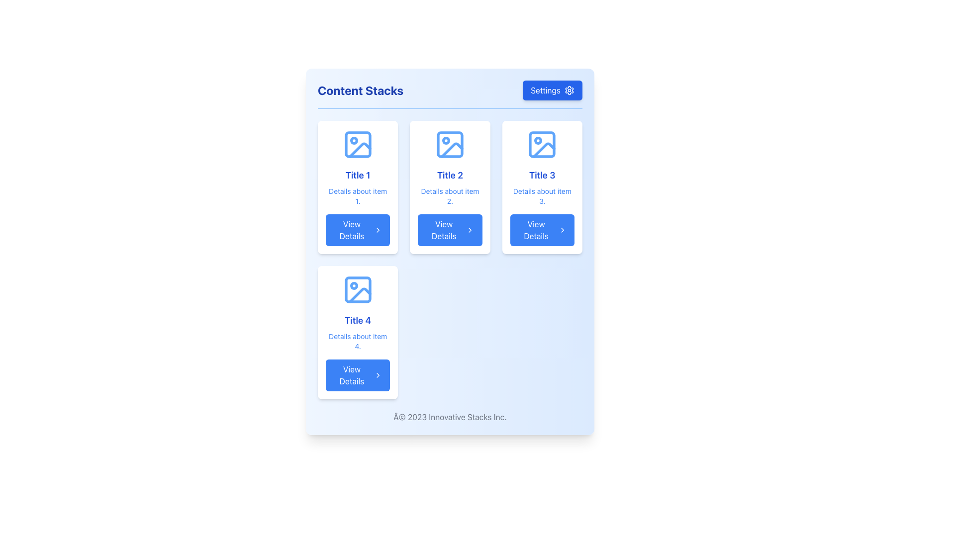 The width and height of the screenshot is (955, 537). I want to click on the blue button labeled 'View Details' with a chevron icon located at the bottom section of the card titled 'Title 4', so click(358, 375).